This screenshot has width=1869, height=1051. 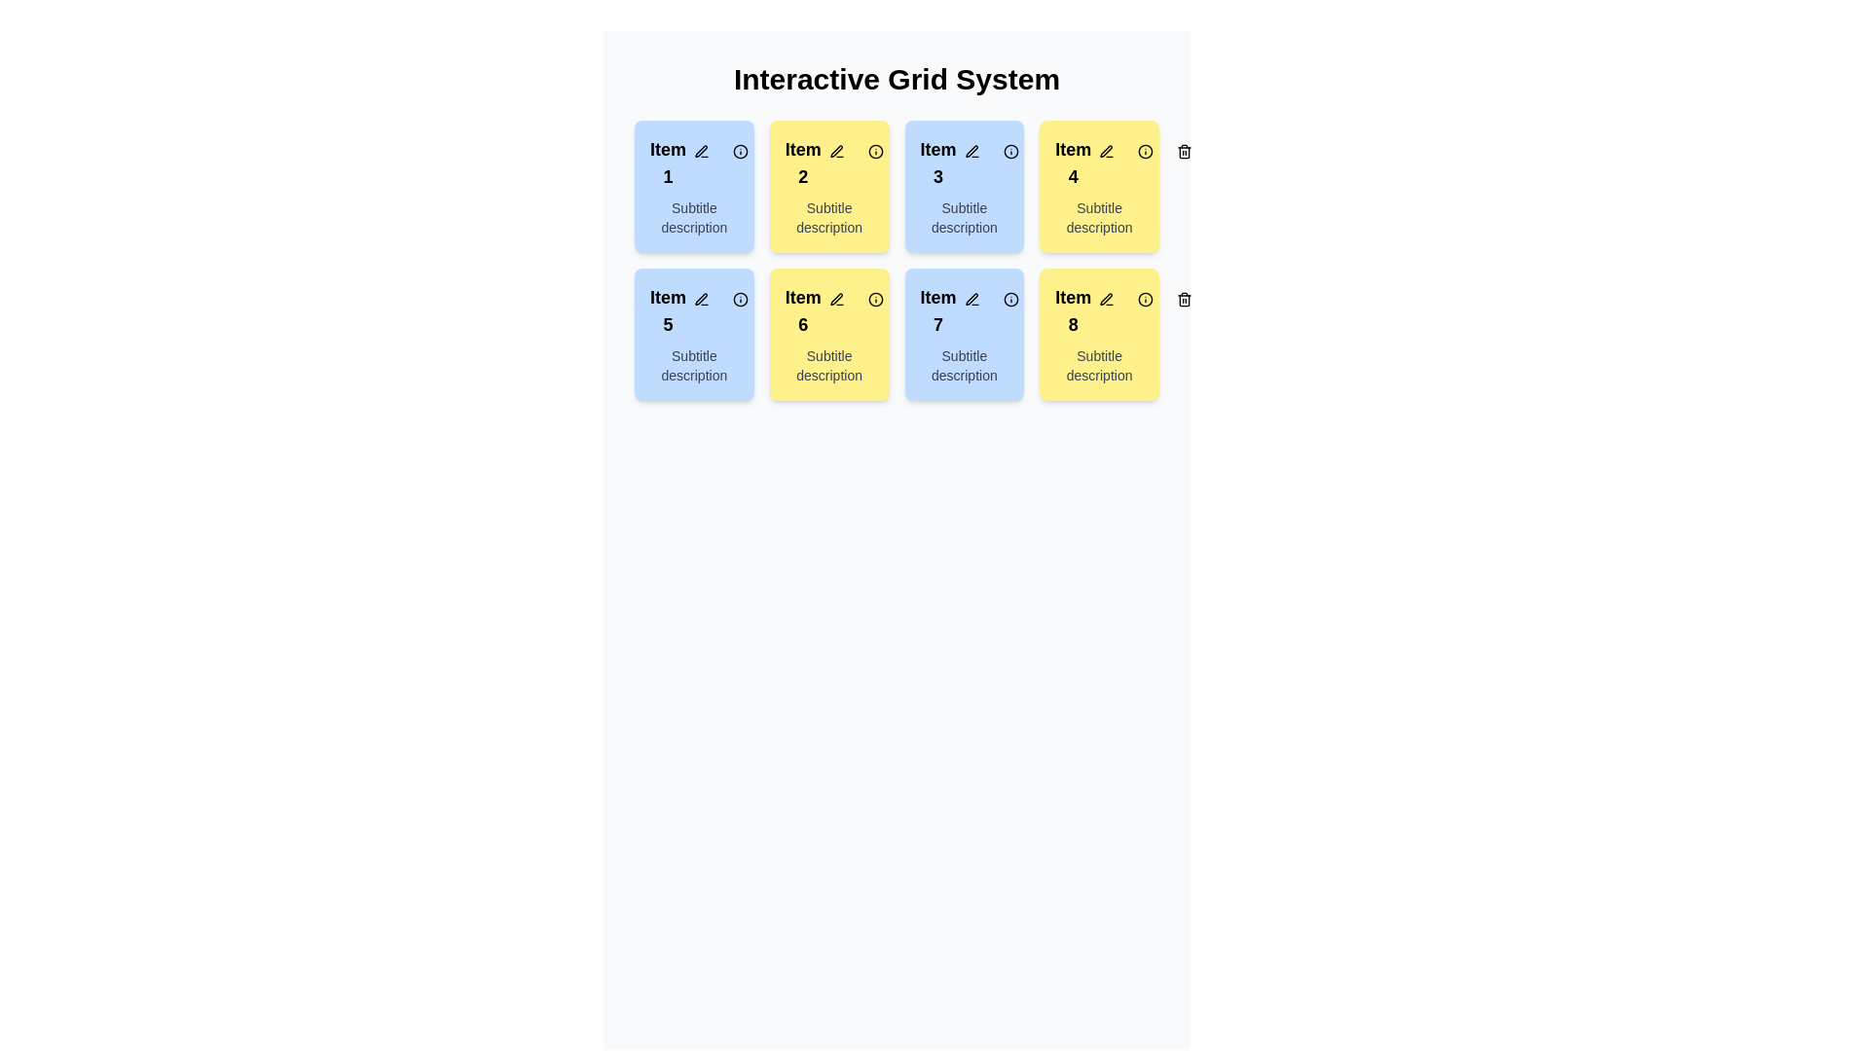 What do you see at coordinates (1184, 300) in the screenshot?
I see `the trash can icon located at the upper right corner of the grid layout to possibly reveal a tooltip or highlight` at bounding box center [1184, 300].